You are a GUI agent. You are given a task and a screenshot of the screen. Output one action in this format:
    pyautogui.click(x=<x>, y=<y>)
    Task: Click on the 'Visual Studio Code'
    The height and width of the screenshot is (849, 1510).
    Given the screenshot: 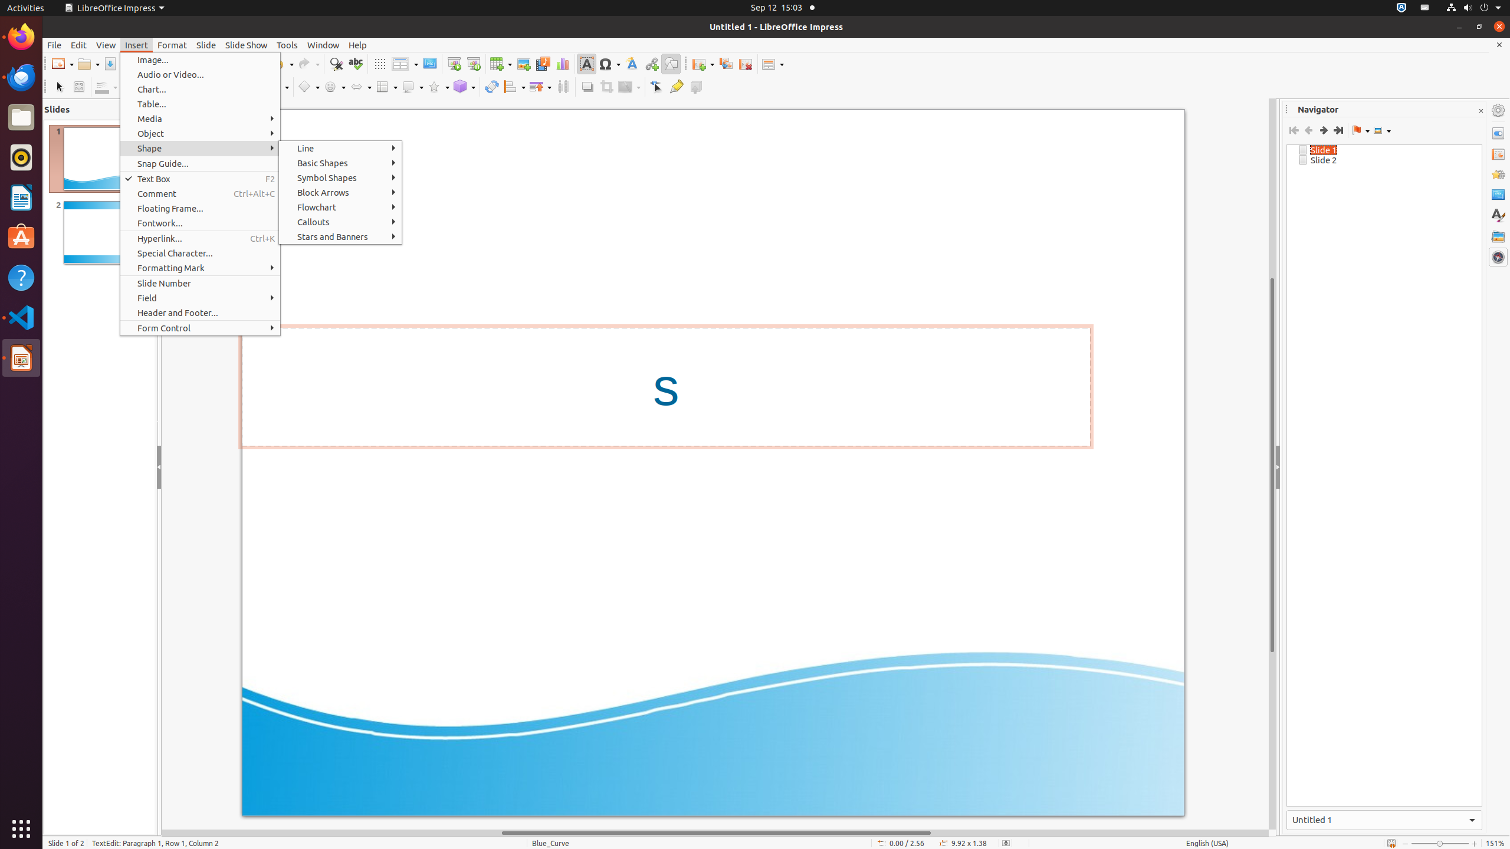 What is the action you would take?
    pyautogui.click(x=21, y=317)
    